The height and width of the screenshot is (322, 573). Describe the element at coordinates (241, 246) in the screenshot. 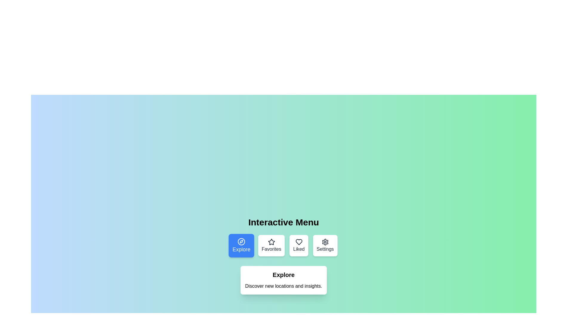

I see `the menu option Explore` at that location.